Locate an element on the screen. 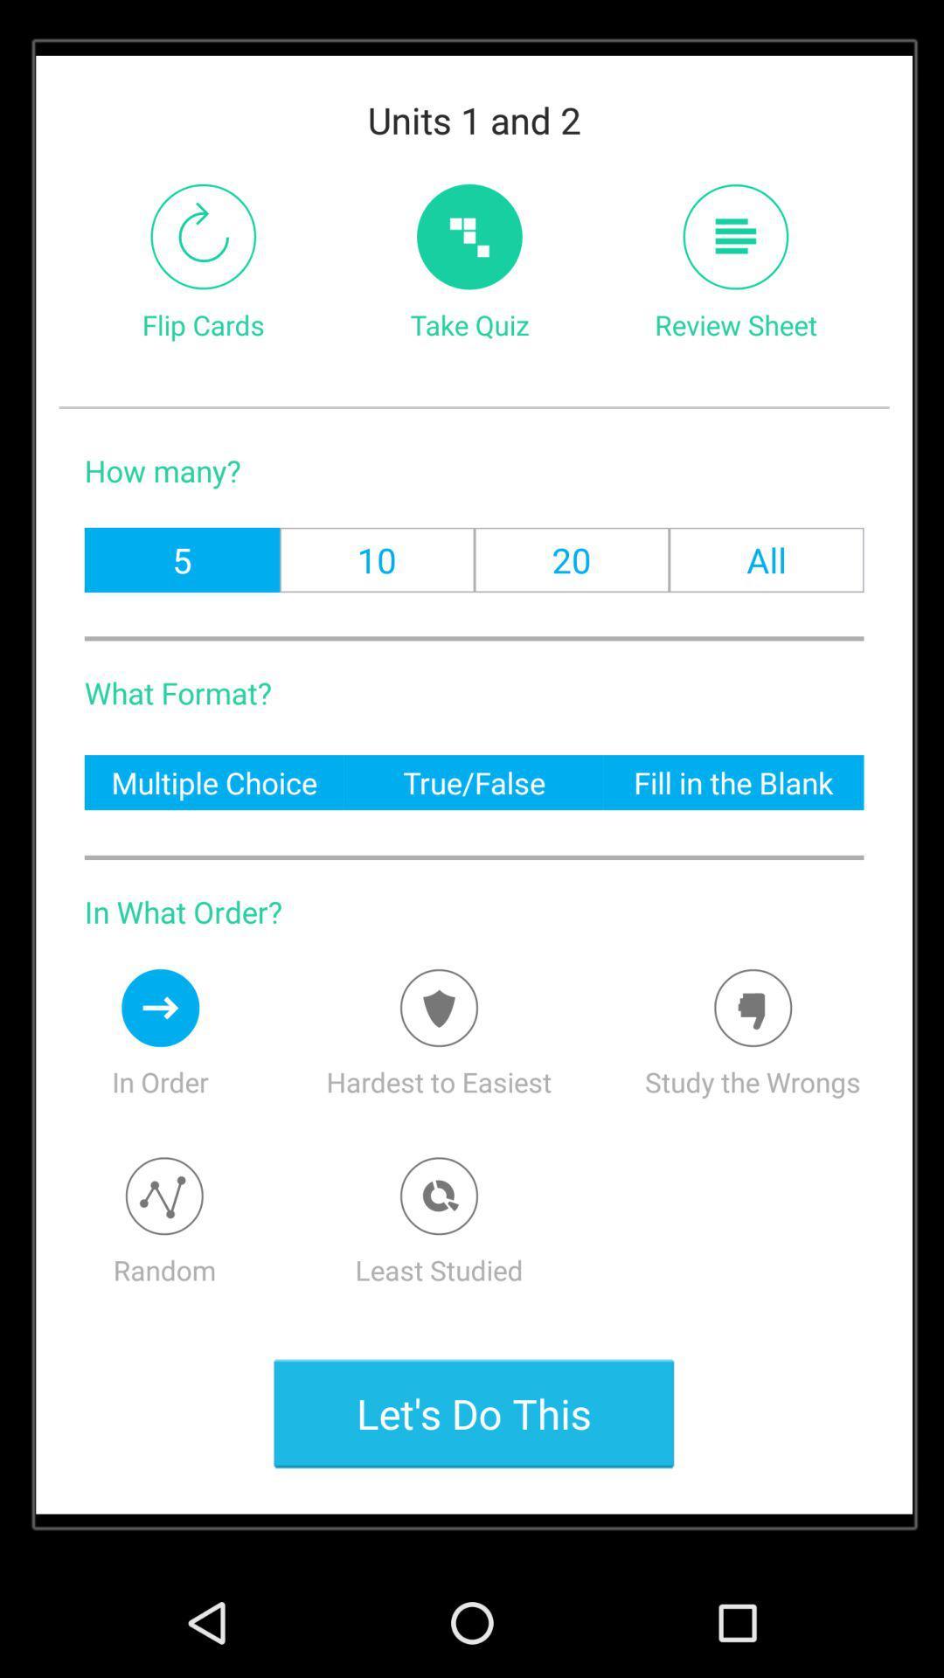  the icon next to multiple choice is located at coordinates (474, 781).